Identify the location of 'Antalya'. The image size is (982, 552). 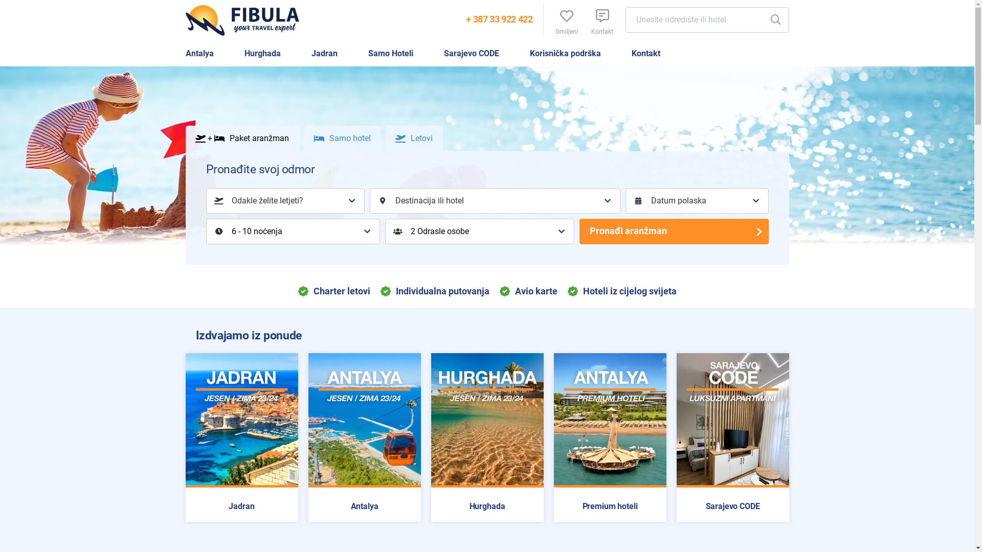
(364, 507).